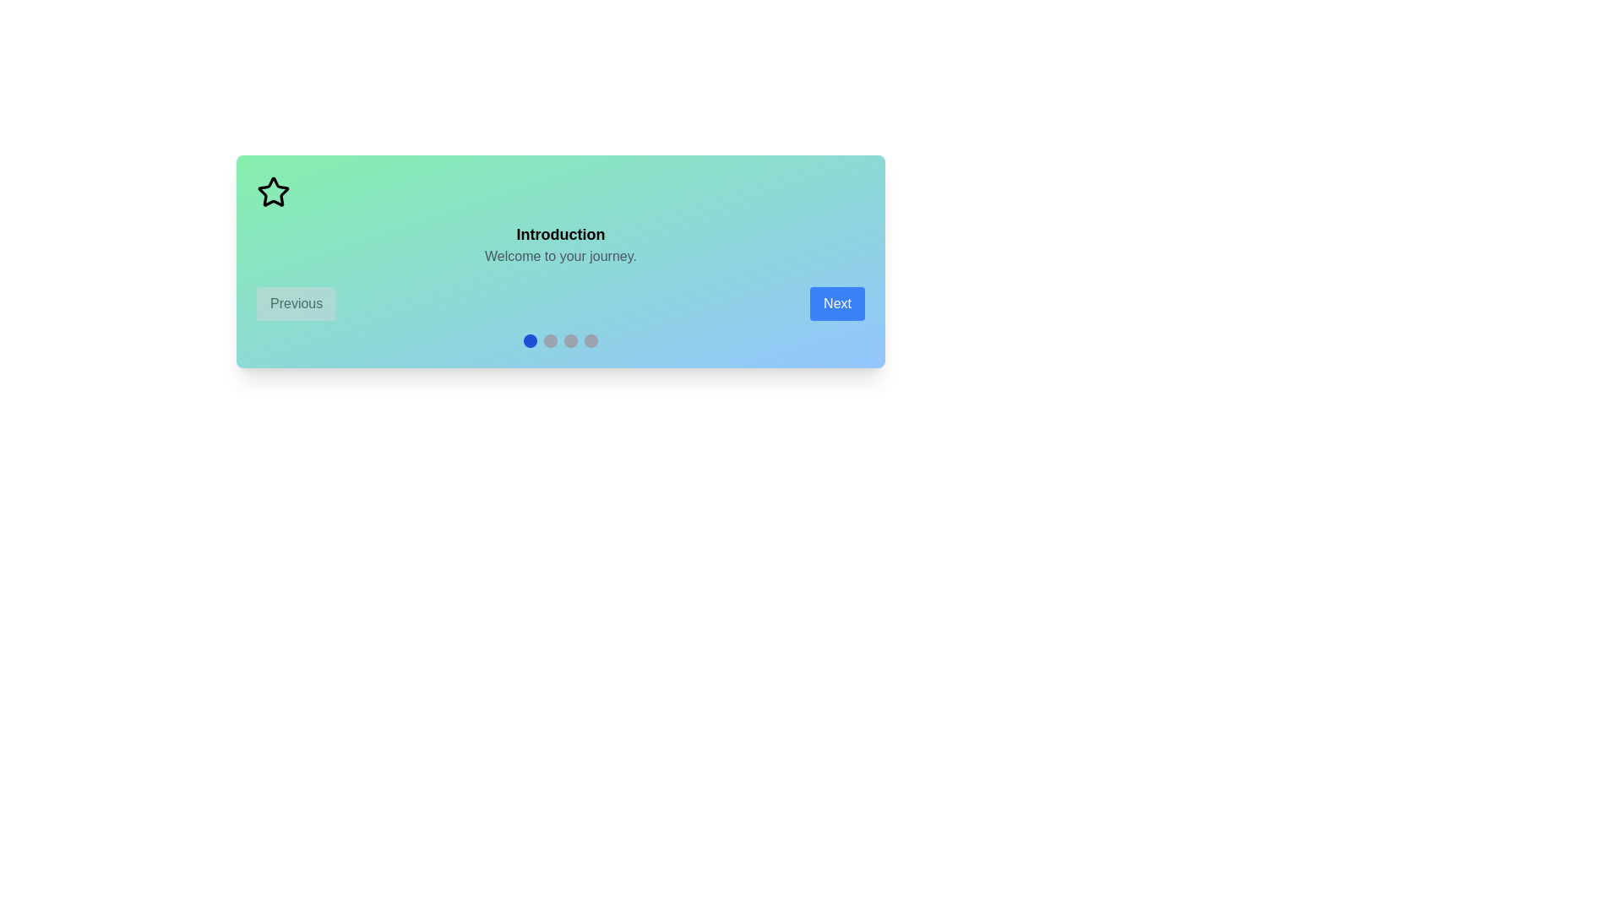 This screenshot has width=1622, height=912. What do you see at coordinates (571, 341) in the screenshot?
I see `the indicator corresponding to the scene number 3` at bounding box center [571, 341].